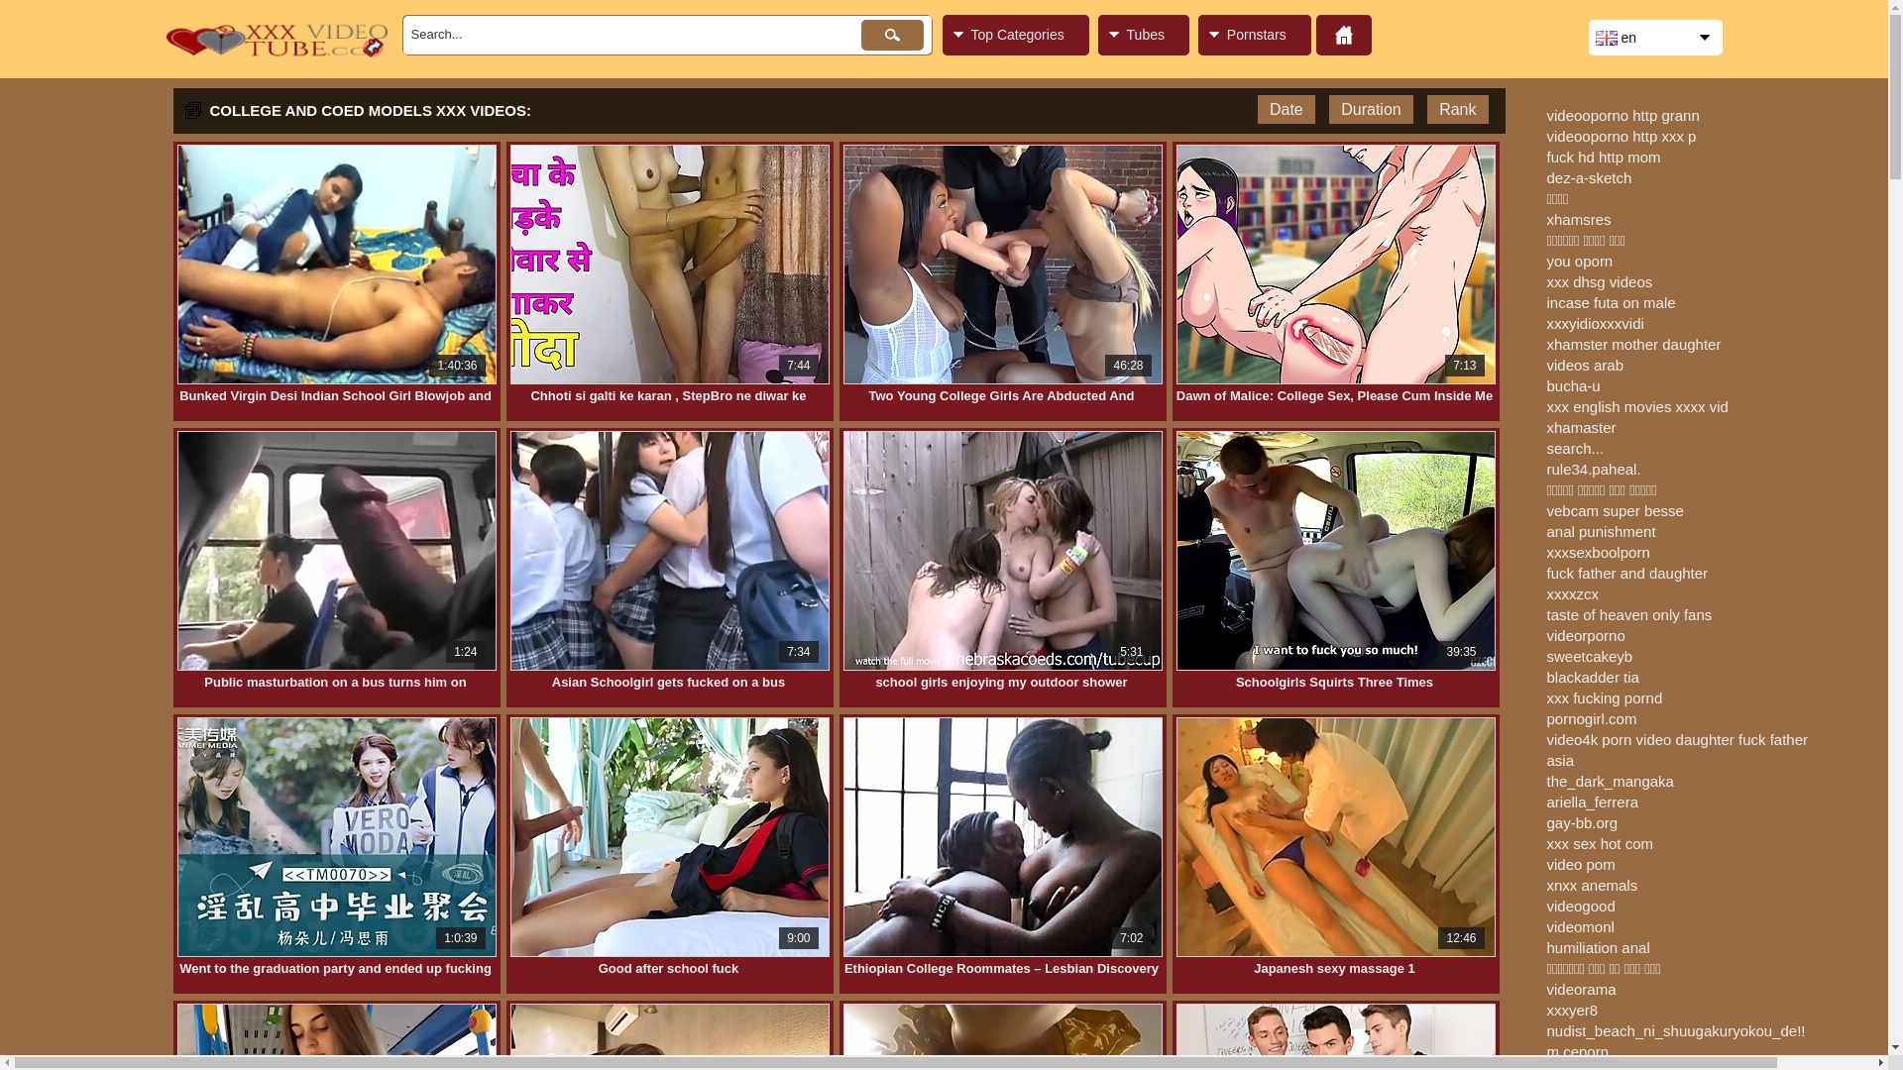 This screenshot has height=1070, width=1903. What do you see at coordinates (1571, 592) in the screenshot?
I see `'xxxxzcx'` at bounding box center [1571, 592].